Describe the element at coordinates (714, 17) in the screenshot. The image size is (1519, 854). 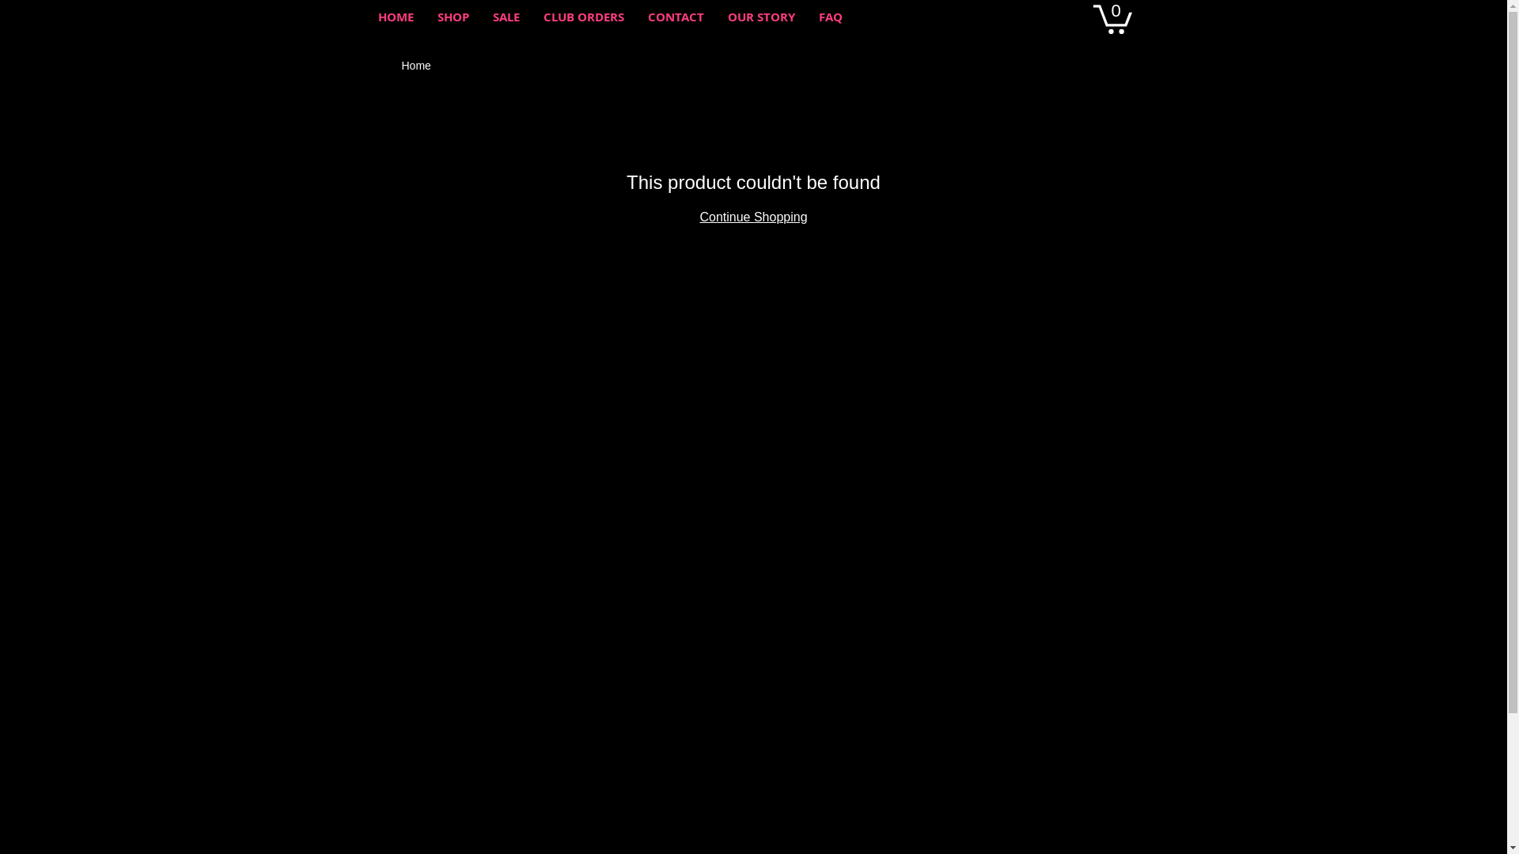
I see `'OUR STORY'` at that location.